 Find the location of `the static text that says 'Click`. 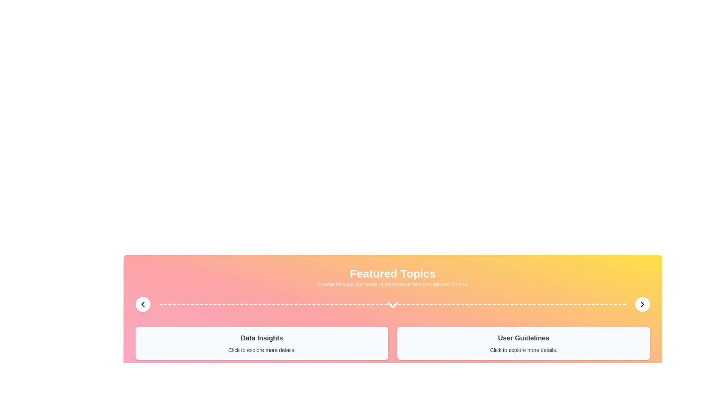

the static text that says 'Click is located at coordinates (262, 350).